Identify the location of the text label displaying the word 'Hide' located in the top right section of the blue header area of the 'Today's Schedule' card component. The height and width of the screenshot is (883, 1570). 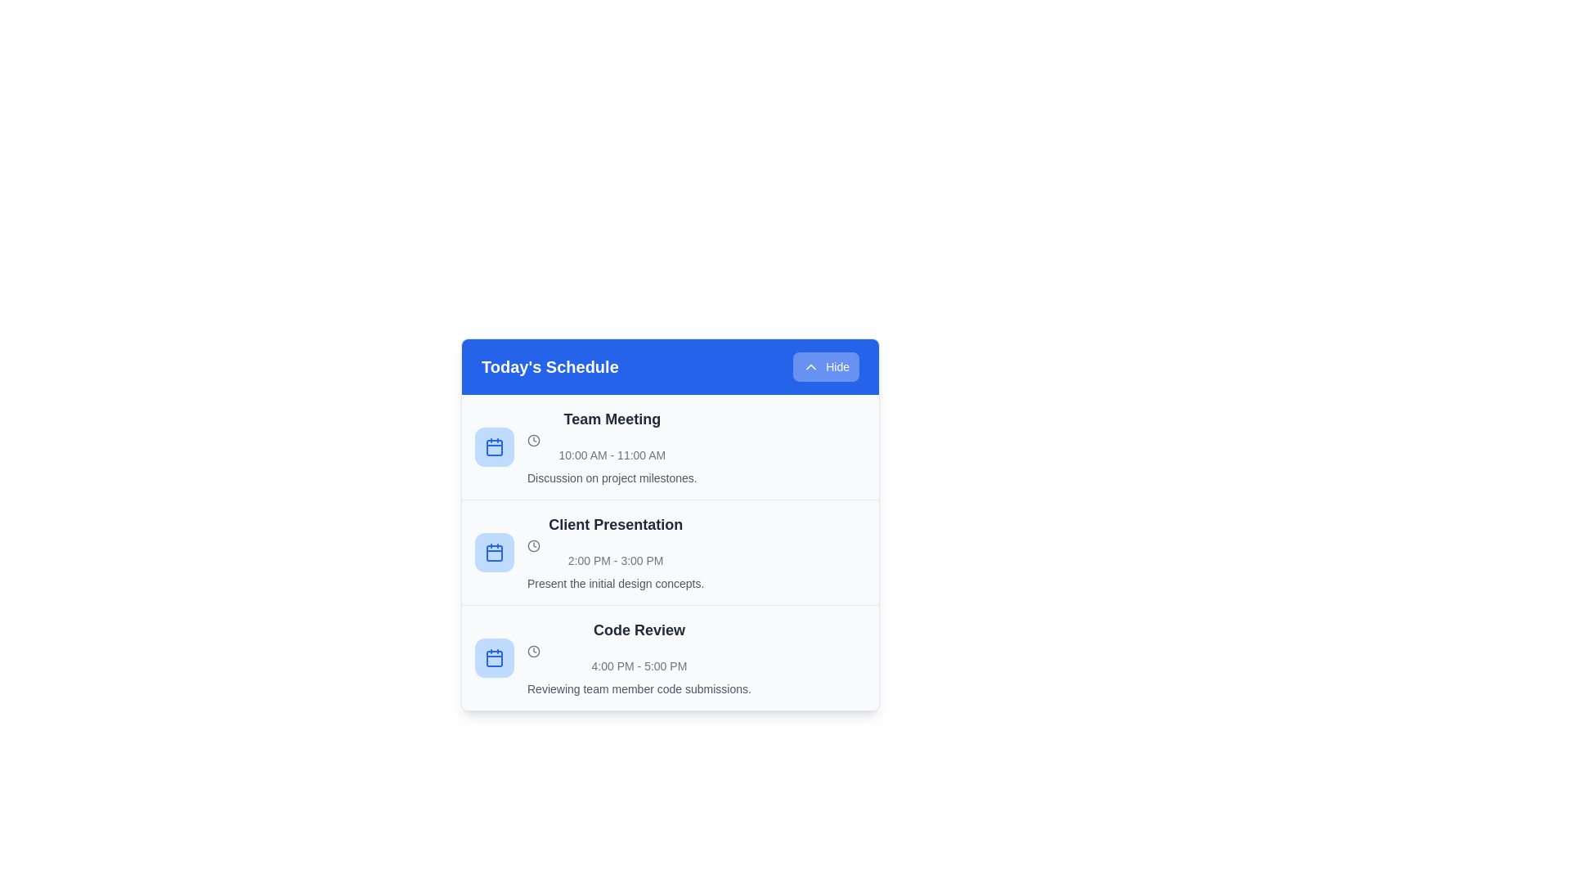
(837, 365).